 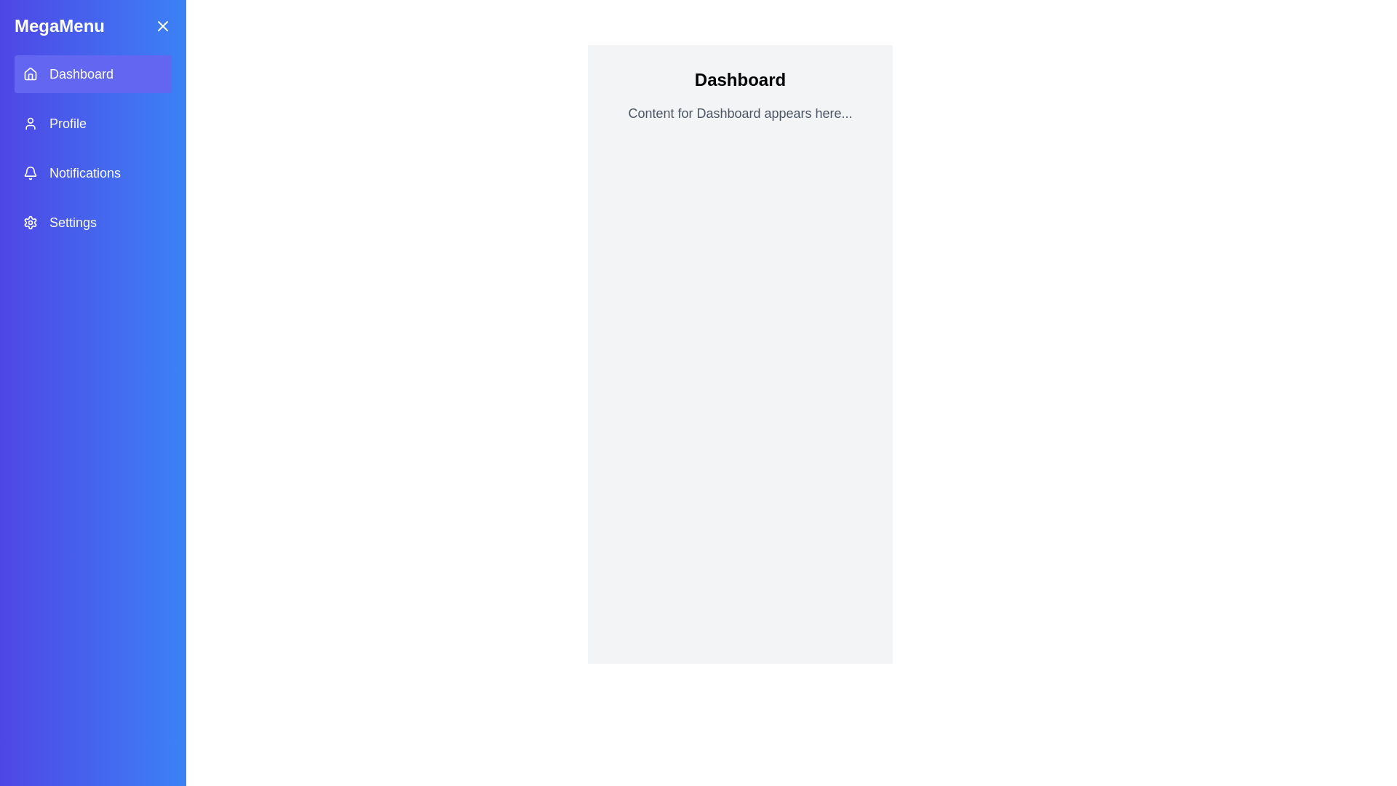 I want to click on the gear icon located on the blue sidebar menu next to the 'Settings' text label, so click(x=31, y=222).